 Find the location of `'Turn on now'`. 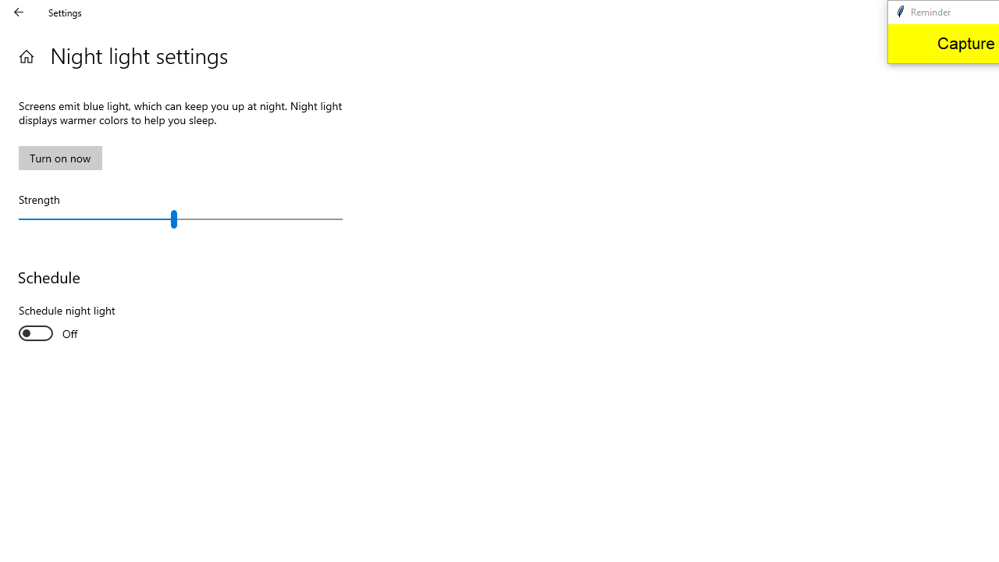

'Turn on now' is located at coordinates (60, 158).